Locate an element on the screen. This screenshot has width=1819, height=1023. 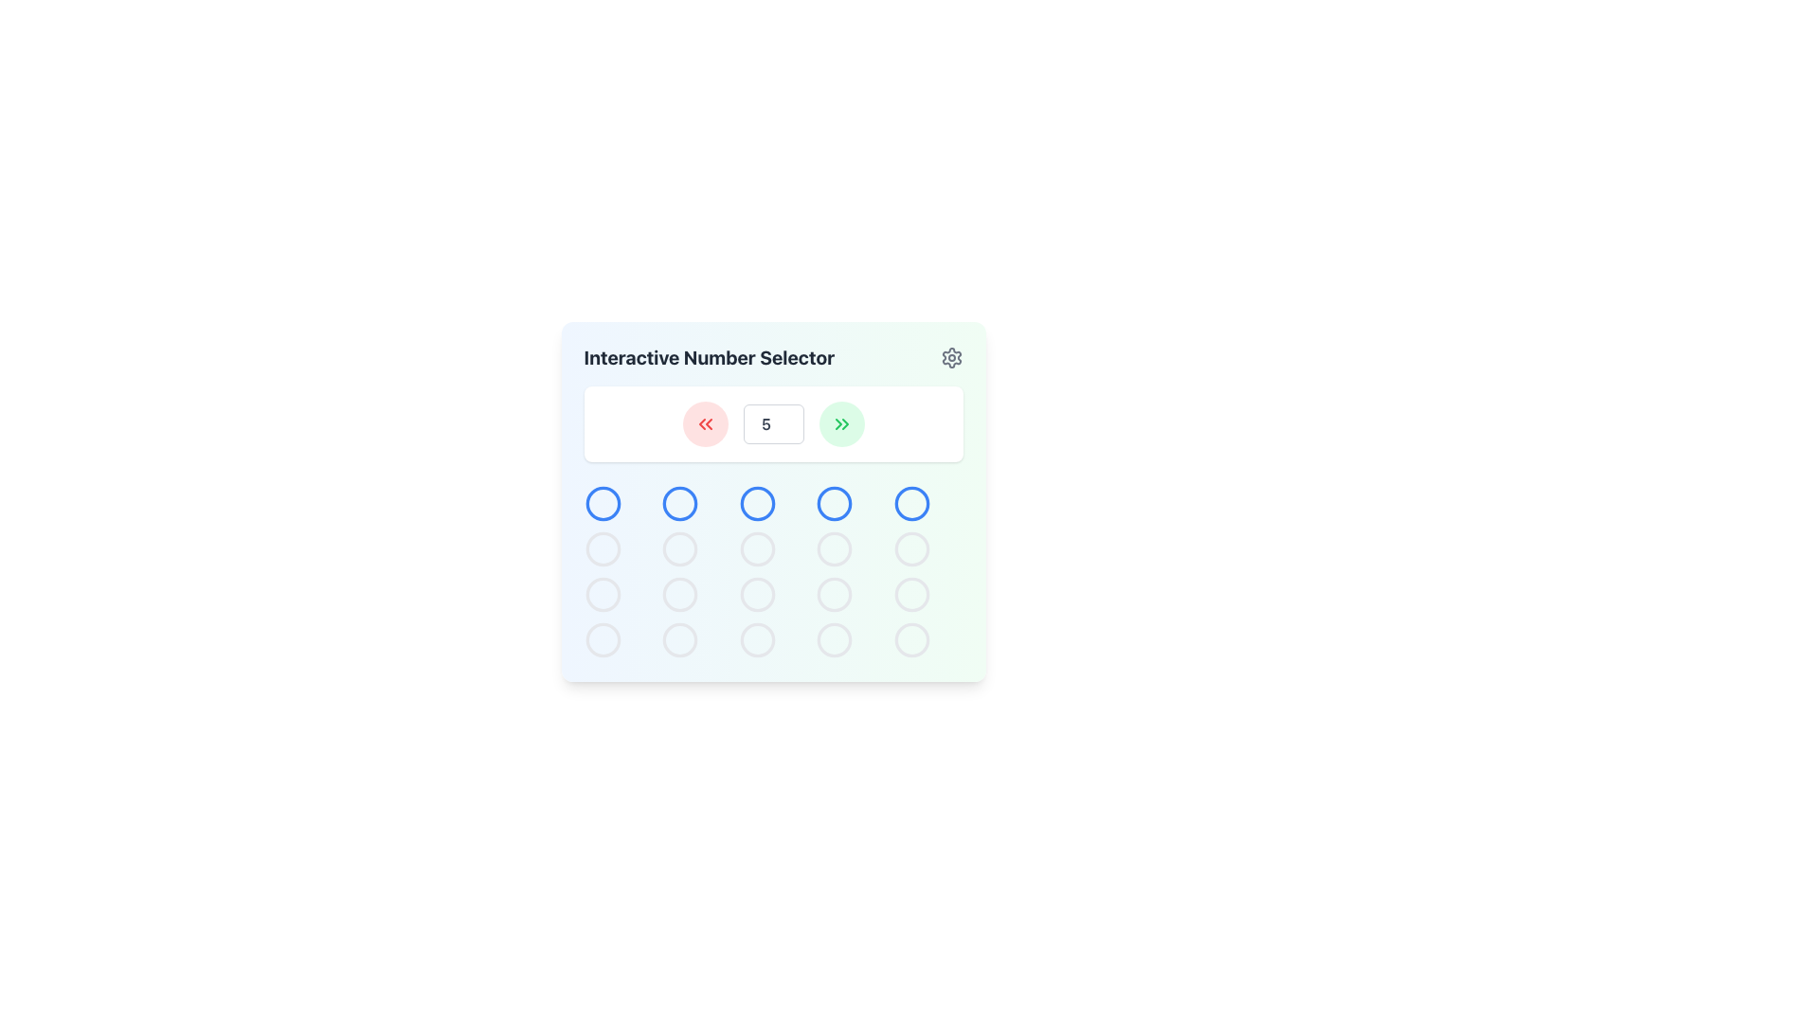
the third circle in the third row of the 5x4 grid layout within the 'Interactive Number Selector' interface is located at coordinates (680, 594).